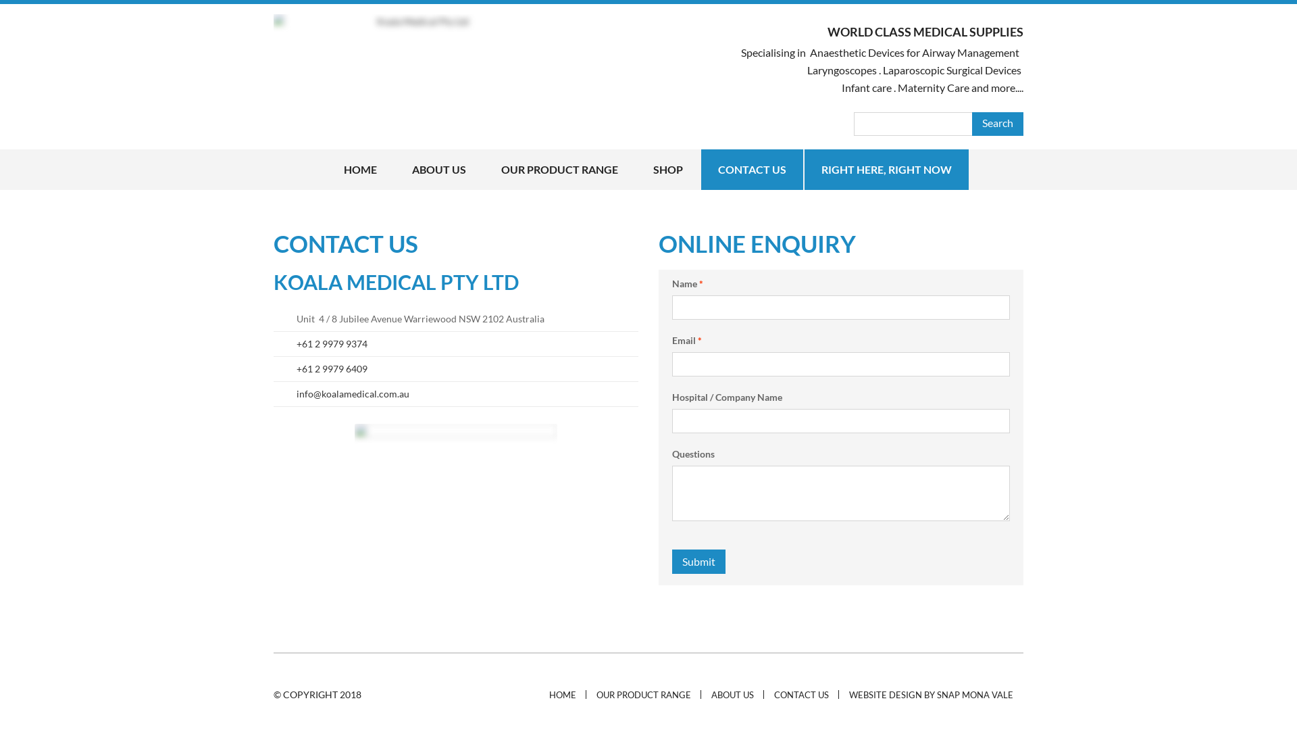 The image size is (1297, 730). Describe the element at coordinates (751, 168) in the screenshot. I see `'CONTACT US'` at that location.